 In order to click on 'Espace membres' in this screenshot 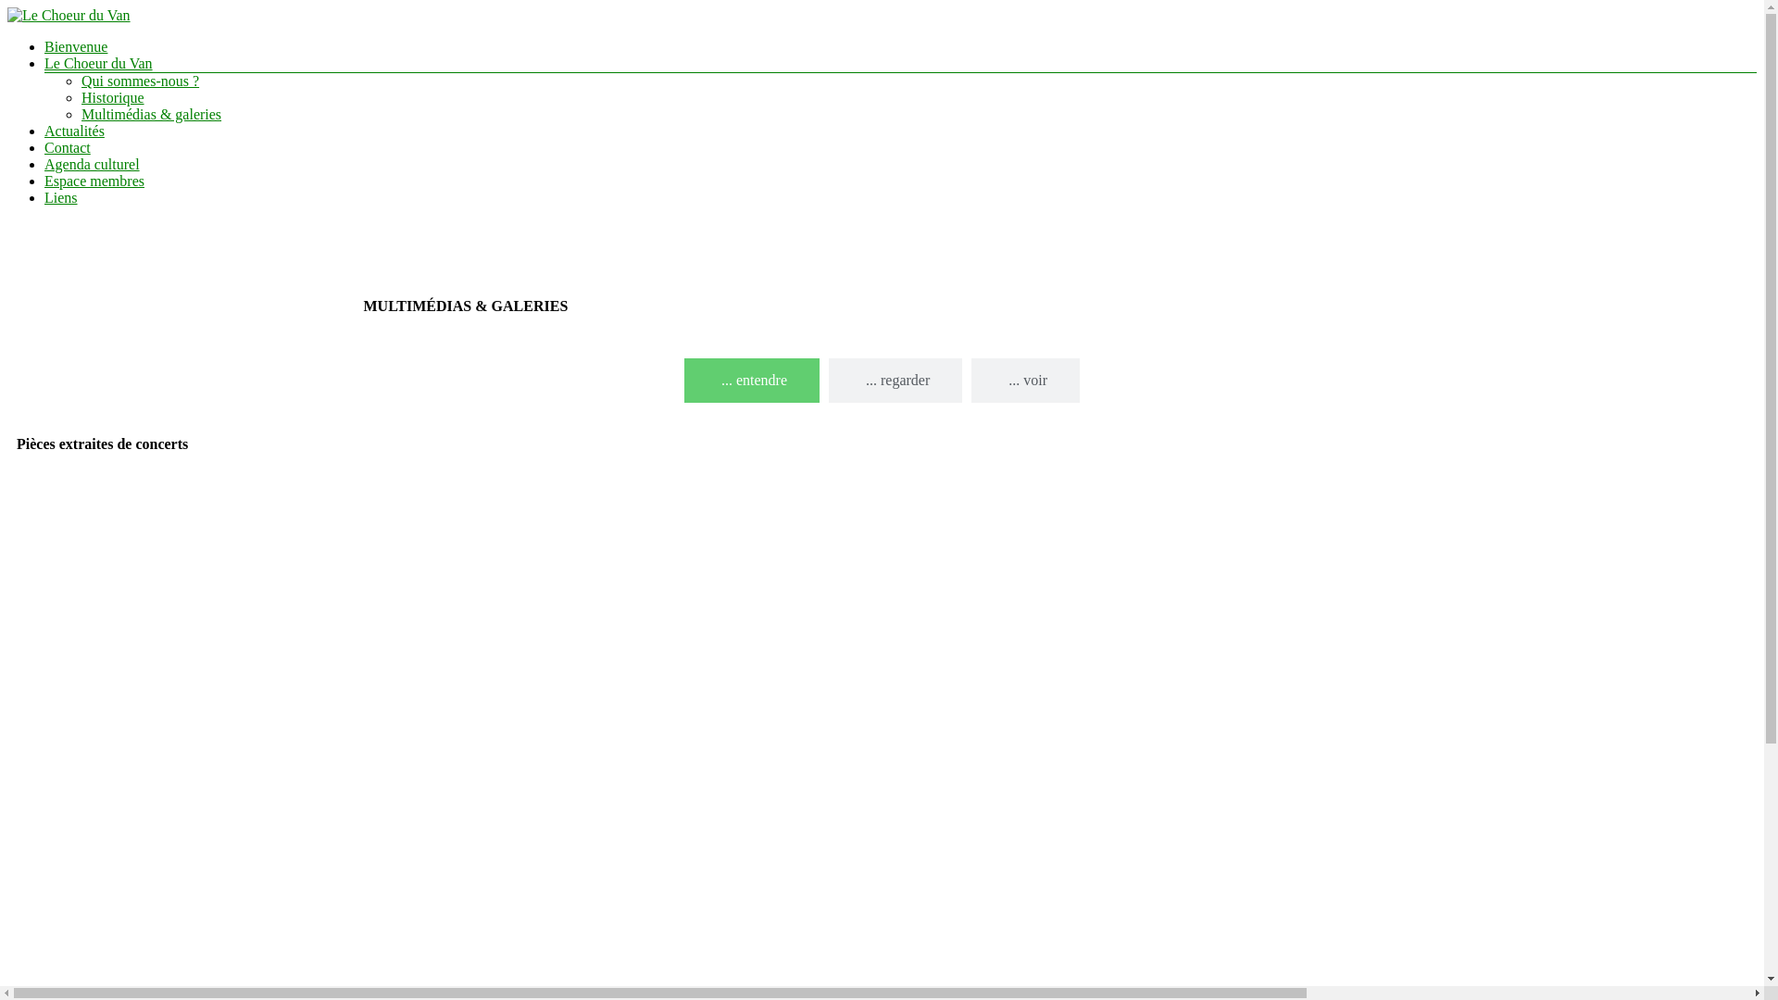, I will do `click(93, 181)`.